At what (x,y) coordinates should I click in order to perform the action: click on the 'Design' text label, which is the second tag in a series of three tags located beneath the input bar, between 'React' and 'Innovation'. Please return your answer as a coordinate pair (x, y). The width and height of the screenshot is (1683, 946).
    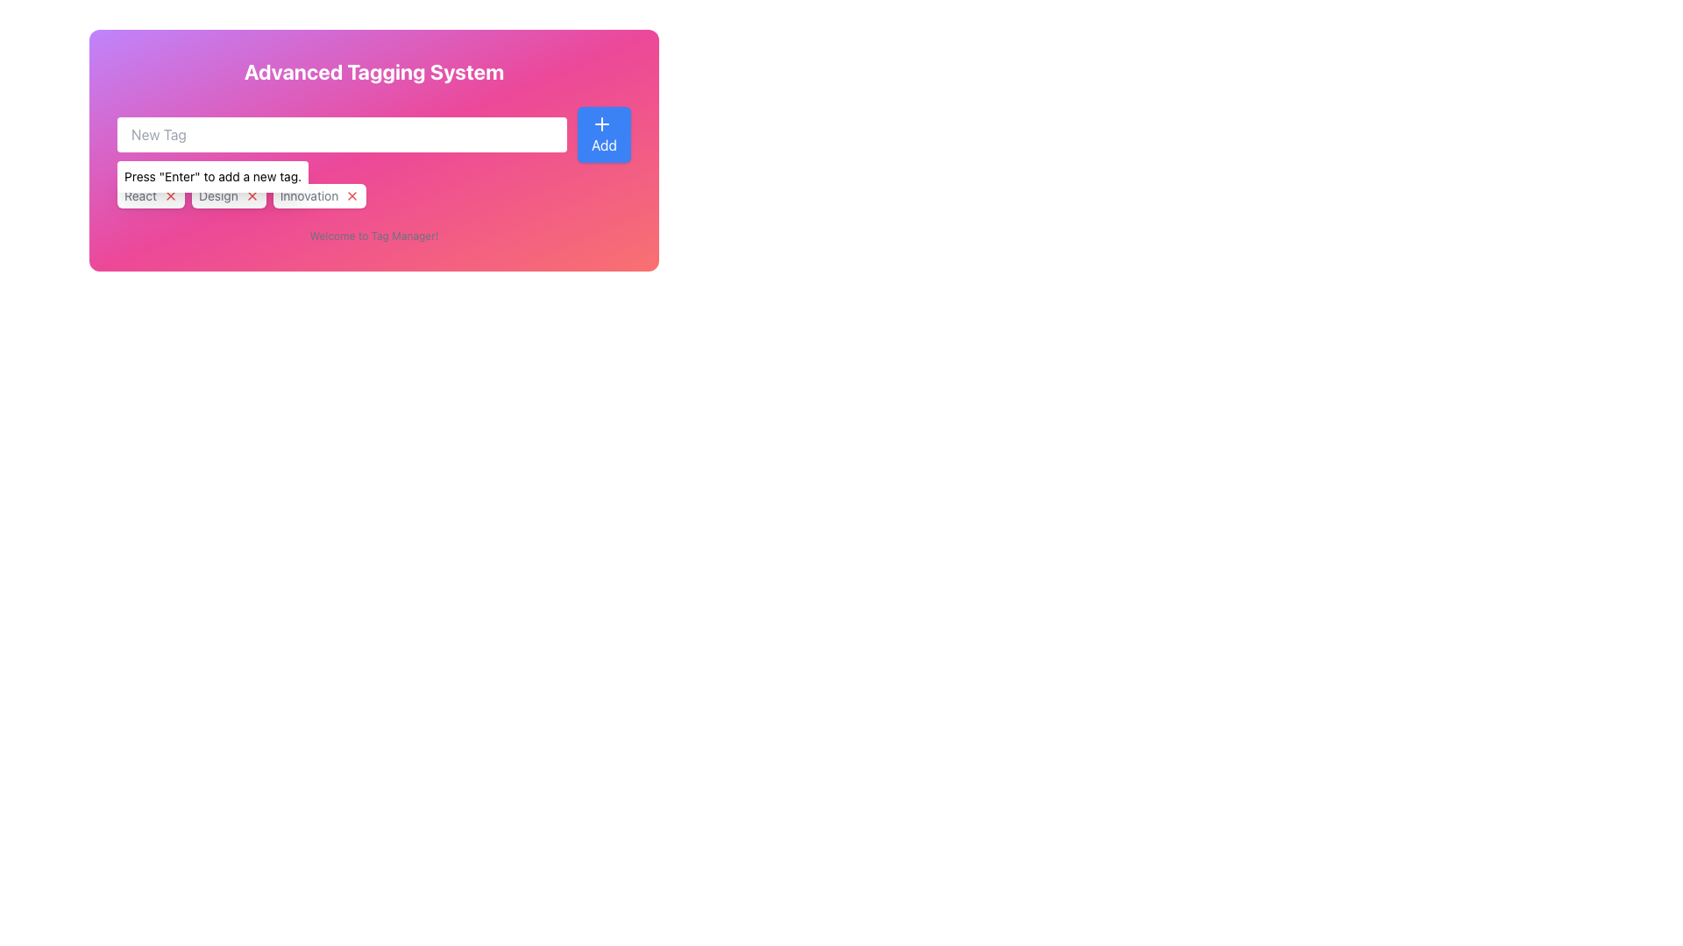
    Looking at the image, I should click on (217, 195).